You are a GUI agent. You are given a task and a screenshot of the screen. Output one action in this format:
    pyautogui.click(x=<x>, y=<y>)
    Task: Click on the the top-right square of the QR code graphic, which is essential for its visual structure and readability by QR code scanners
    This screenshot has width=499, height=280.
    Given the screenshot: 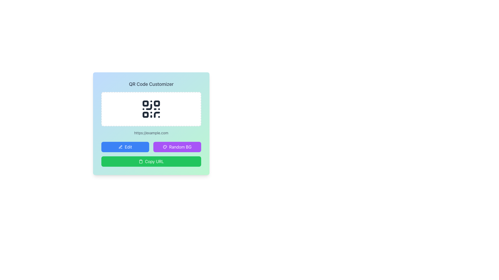 What is the action you would take?
    pyautogui.click(x=156, y=103)
    